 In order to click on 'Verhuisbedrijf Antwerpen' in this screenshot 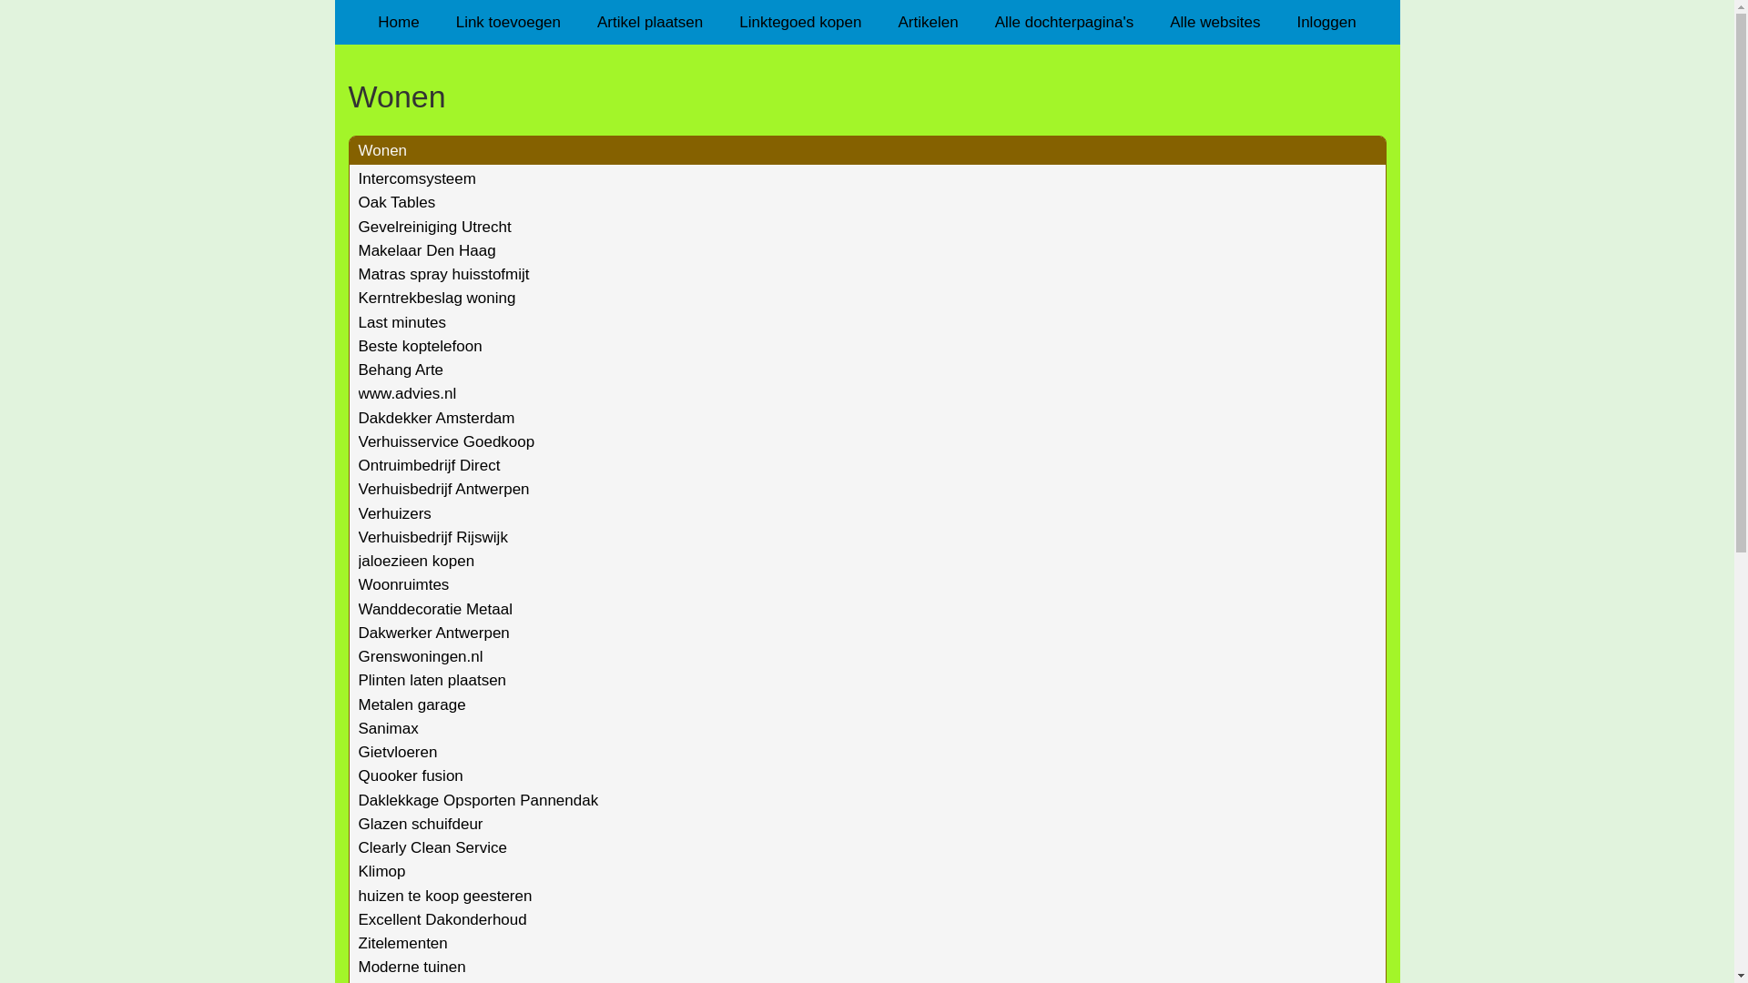, I will do `click(444, 488)`.